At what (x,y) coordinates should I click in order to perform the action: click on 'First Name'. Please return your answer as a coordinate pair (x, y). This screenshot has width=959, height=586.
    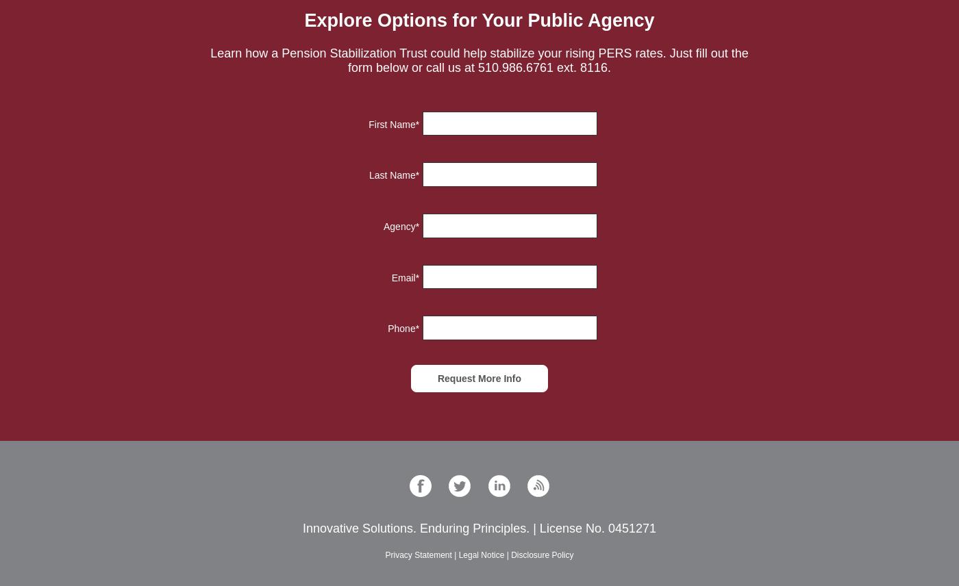
    Looking at the image, I should click on (369, 123).